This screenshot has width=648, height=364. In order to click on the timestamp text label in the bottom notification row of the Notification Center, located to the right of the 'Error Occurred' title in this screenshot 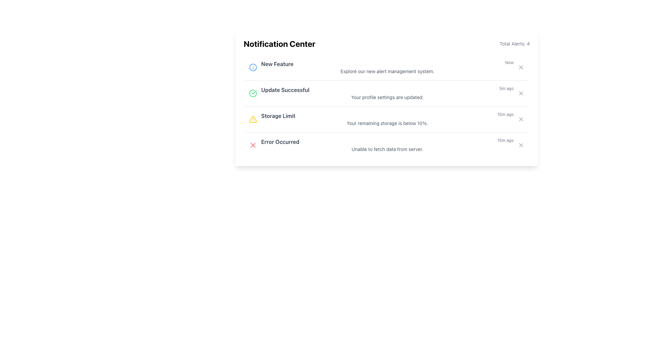, I will do `click(506, 141)`.